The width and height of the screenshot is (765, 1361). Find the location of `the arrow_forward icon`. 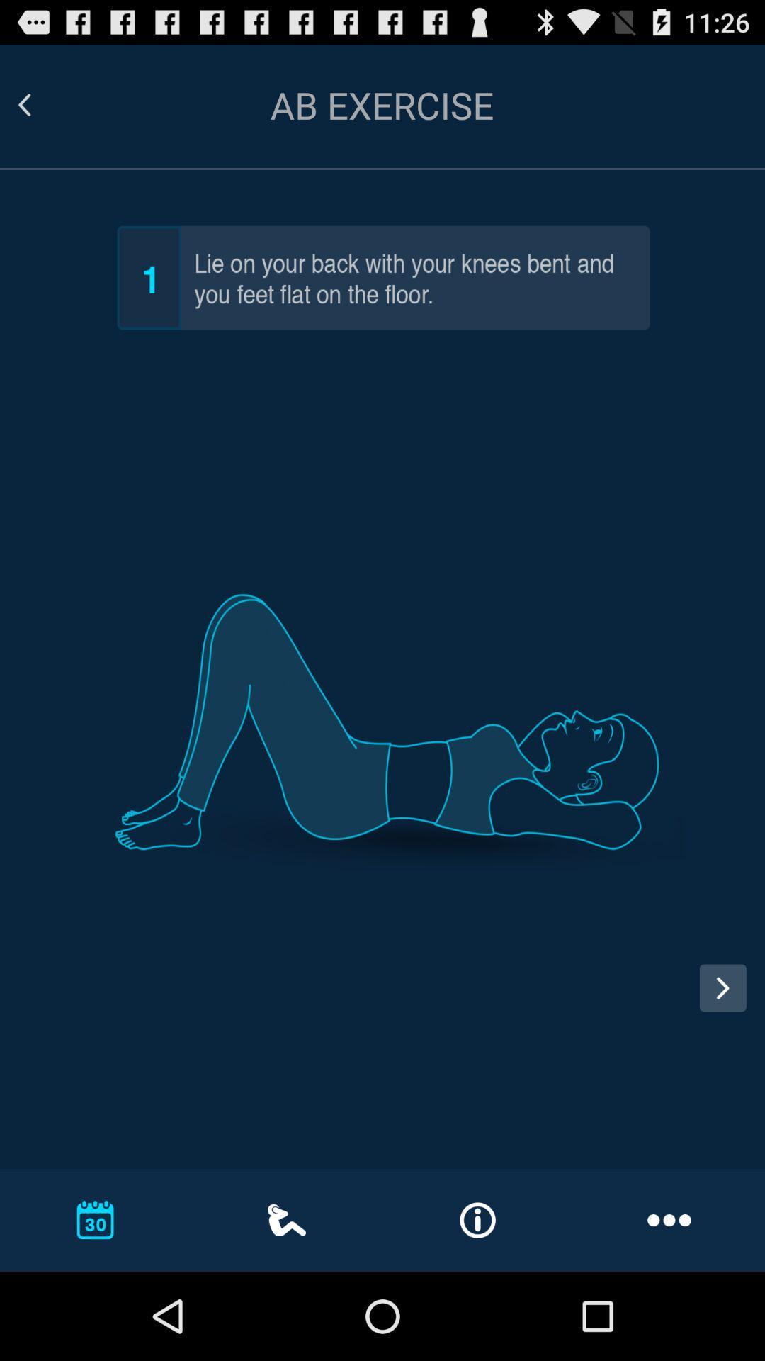

the arrow_forward icon is located at coordinates (727, 1072).